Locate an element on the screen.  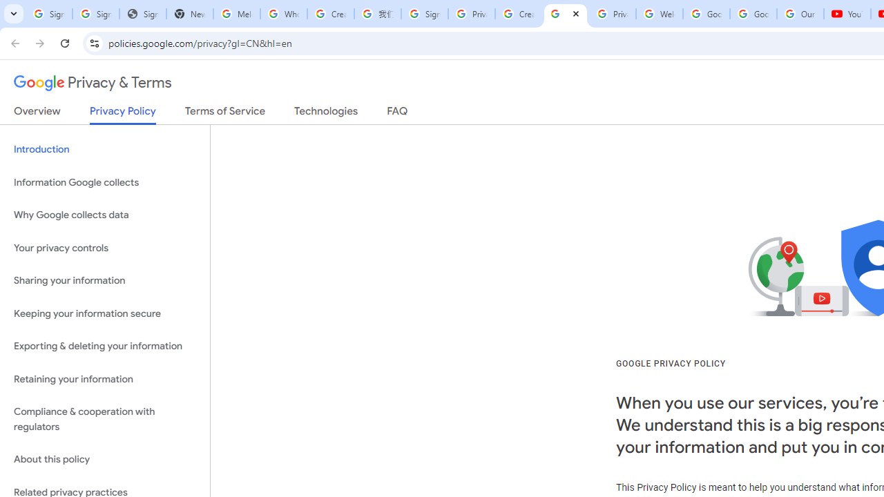
'YouTube' is located at coordinates (846, 14).